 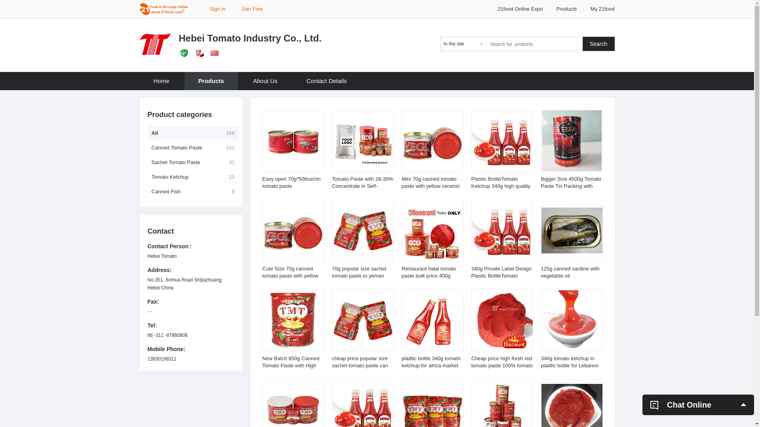 I want to click on 'Products', so click(x=566, y=9).